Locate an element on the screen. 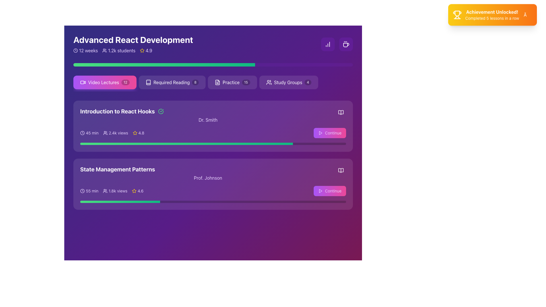 The image size is (546, 307). the rating value text ('4.8') for the course 'Introduction to React Hooks', which is positioned to the right of the view count ('2.4k views') and aligned with the duration ('45 min') is located at coordinates (138, 133).